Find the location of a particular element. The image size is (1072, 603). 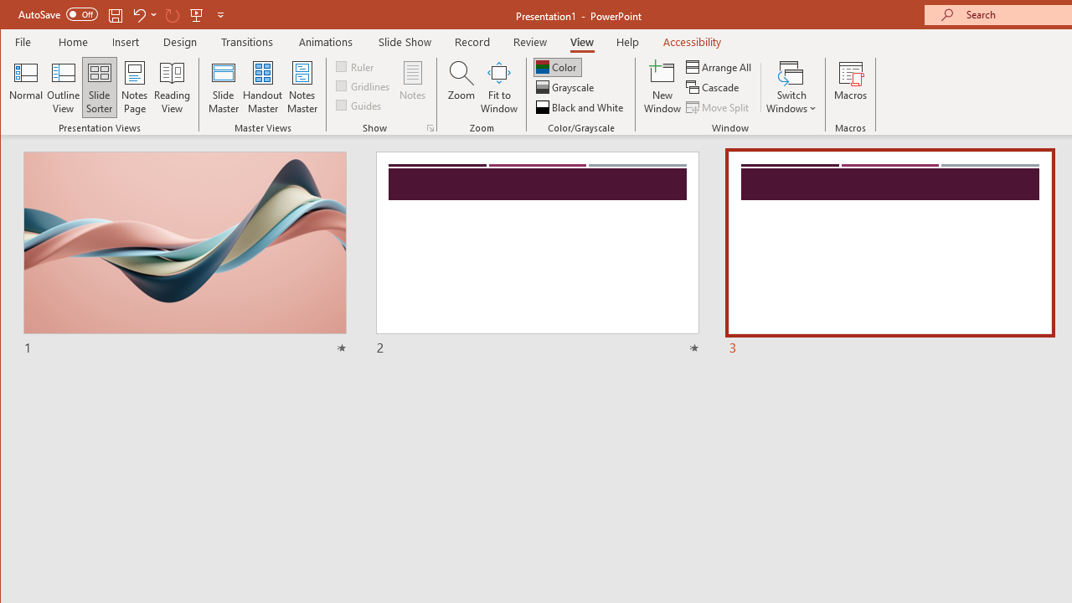

'Guides' is located at coordinates (359, 105).